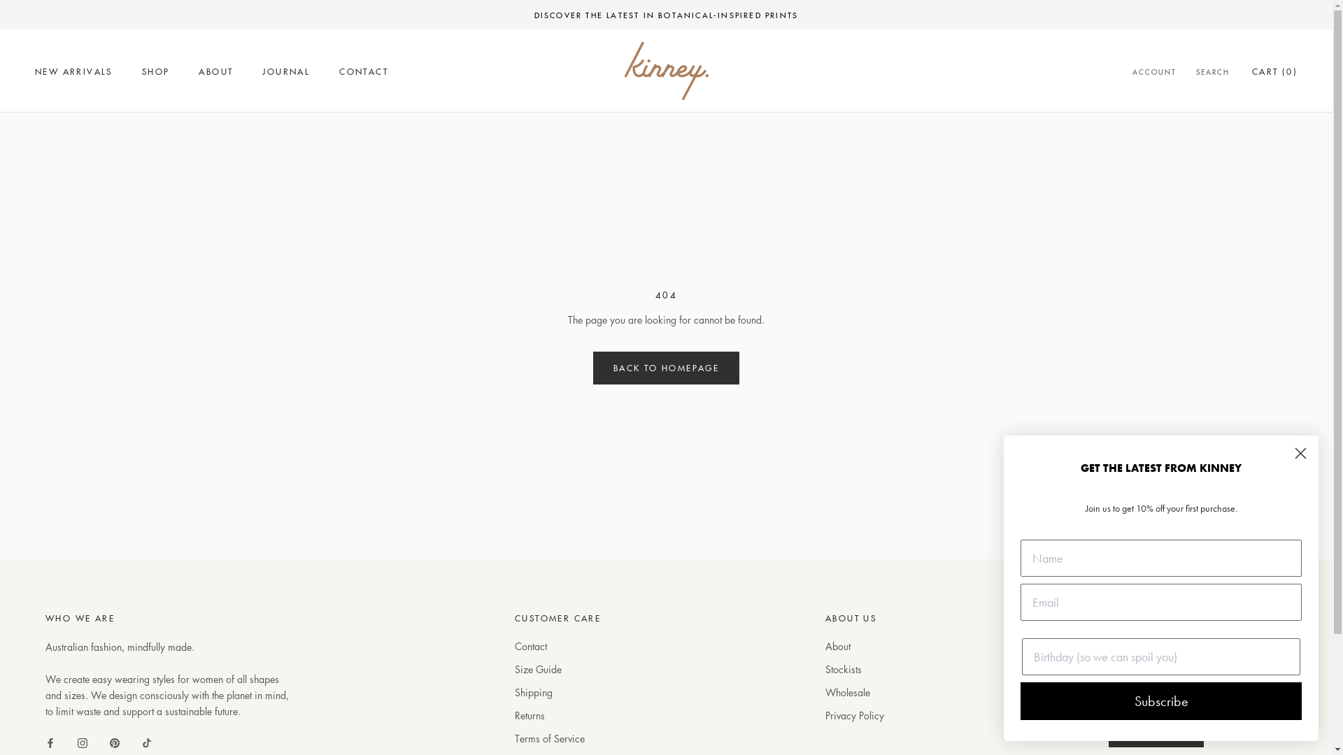 The height and width of the screenshot is (755, 1343). Describe the element at coordinates (363, 71) in the screenshot. I see `'CONTACT` at that location.